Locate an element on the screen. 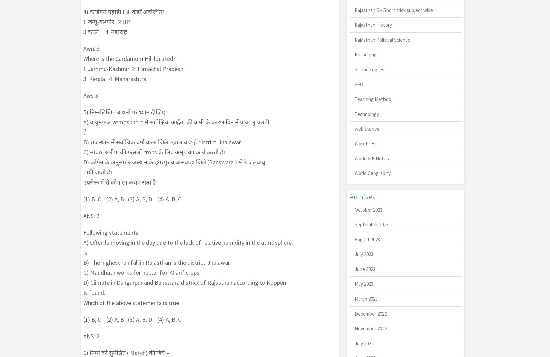 This screenshot has height=357, width=550. 'D) कोपेन के अनुसार राजस्थान के डूंगरपुर व बांसवाड़ा जिले (Banswara ) में ठॅ जलवायु' is located at coordinates (174, 162).